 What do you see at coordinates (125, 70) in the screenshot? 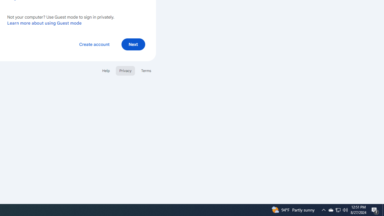
I see `'Privacy'` at bounding box center [125, 70].